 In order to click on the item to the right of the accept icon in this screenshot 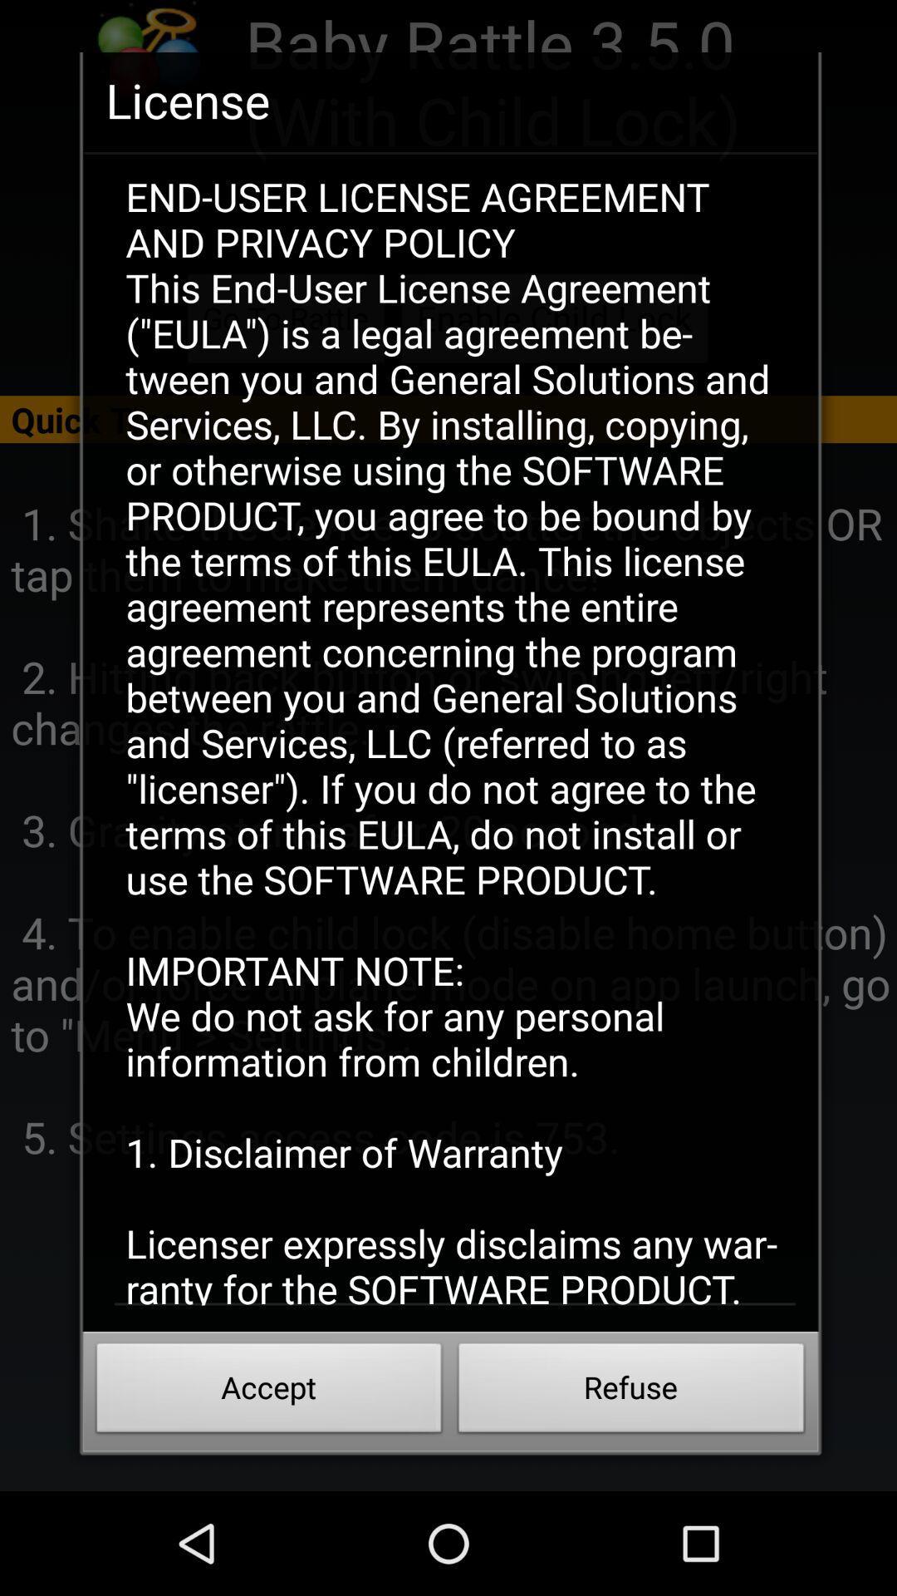, I will do `click(631, 1392)`.